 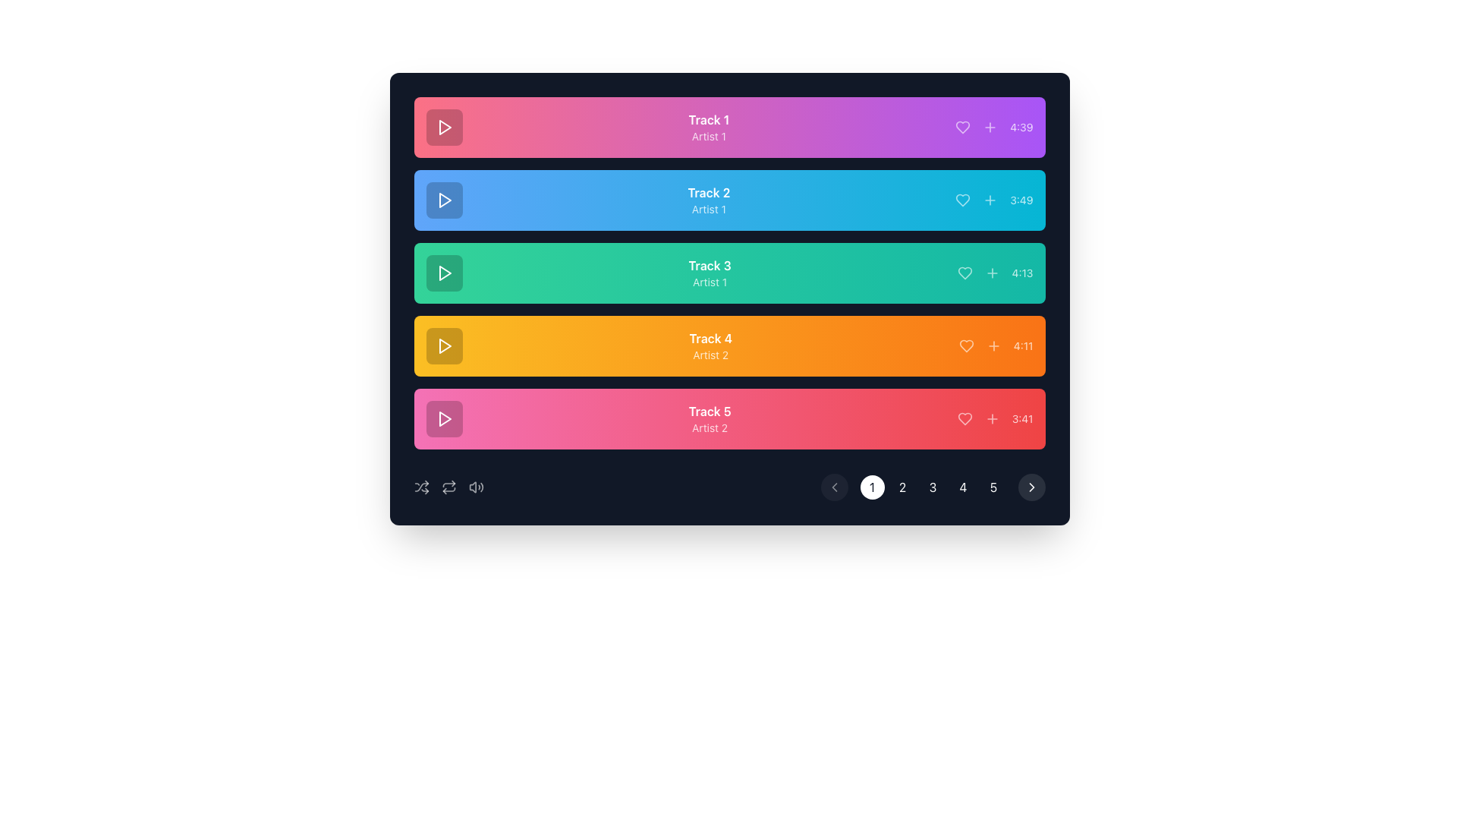 I want to click on the text display area that shows 'Track 1' by 'Artist 1', located centrally in the first row of the vertical list, so click(x=708, y=127).